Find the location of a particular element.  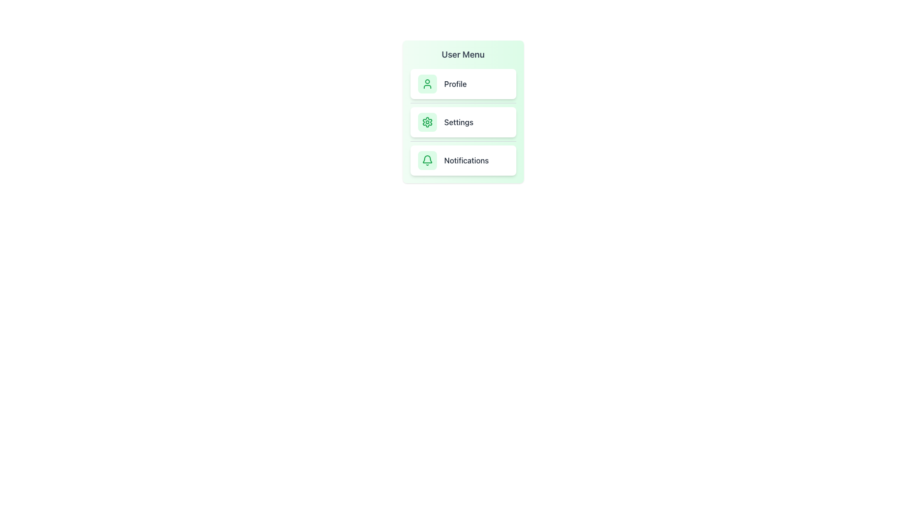

the 'Settings' button in the vertically aligned menu section is located at coordinates (463, 111).